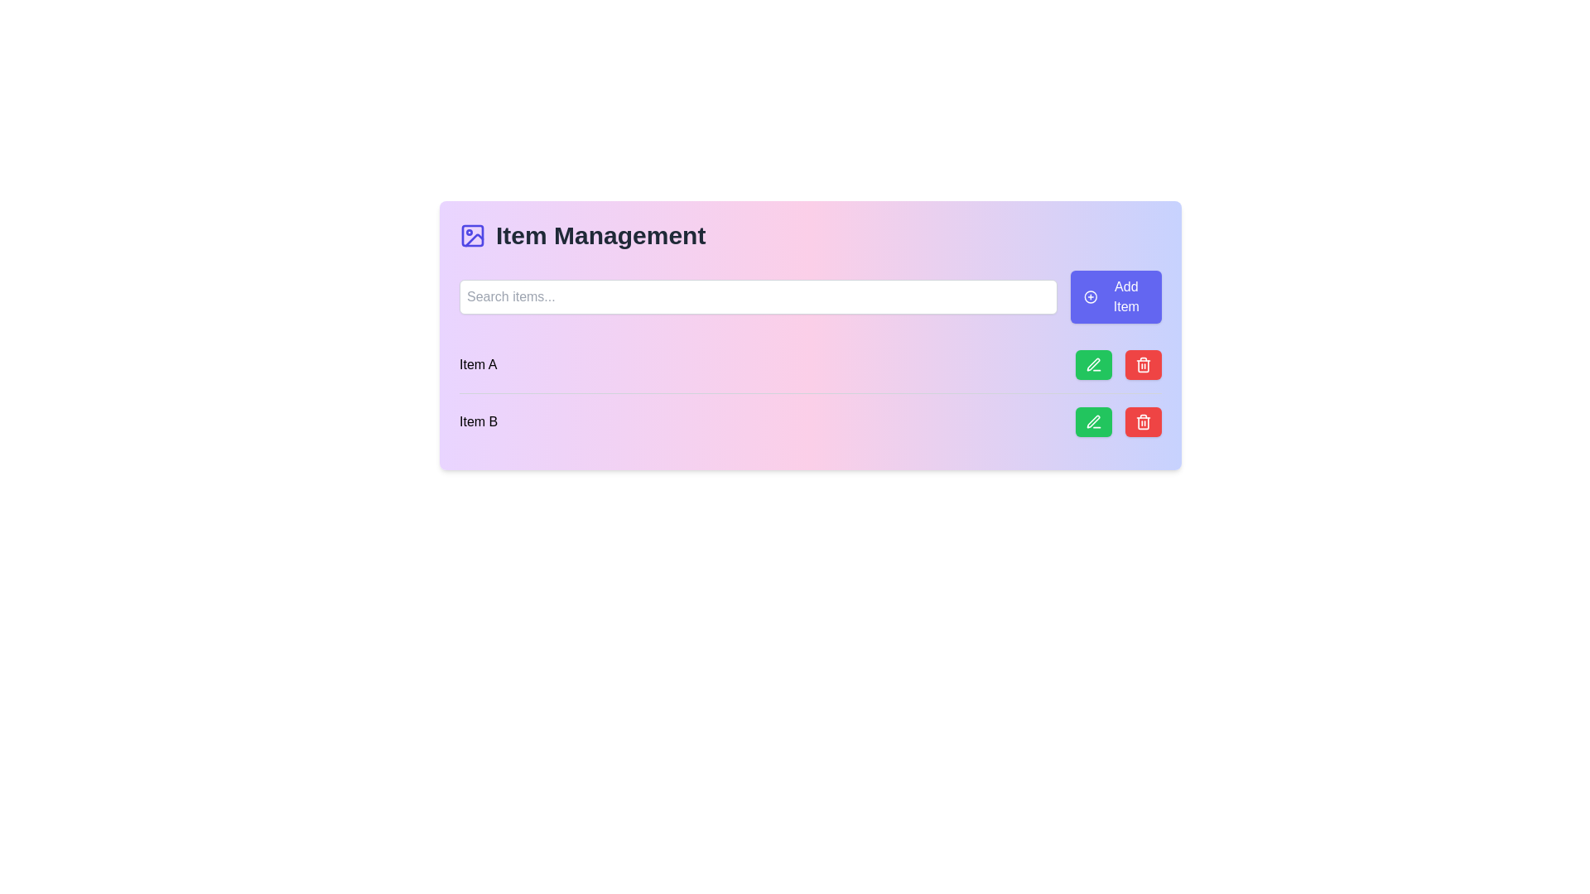  Describe the element at coordinates (1093, 421) in the screenshot. I see `the edit button for 'Item B' which is located in the green button group adjacent to the red trash button in the second row` at that location.